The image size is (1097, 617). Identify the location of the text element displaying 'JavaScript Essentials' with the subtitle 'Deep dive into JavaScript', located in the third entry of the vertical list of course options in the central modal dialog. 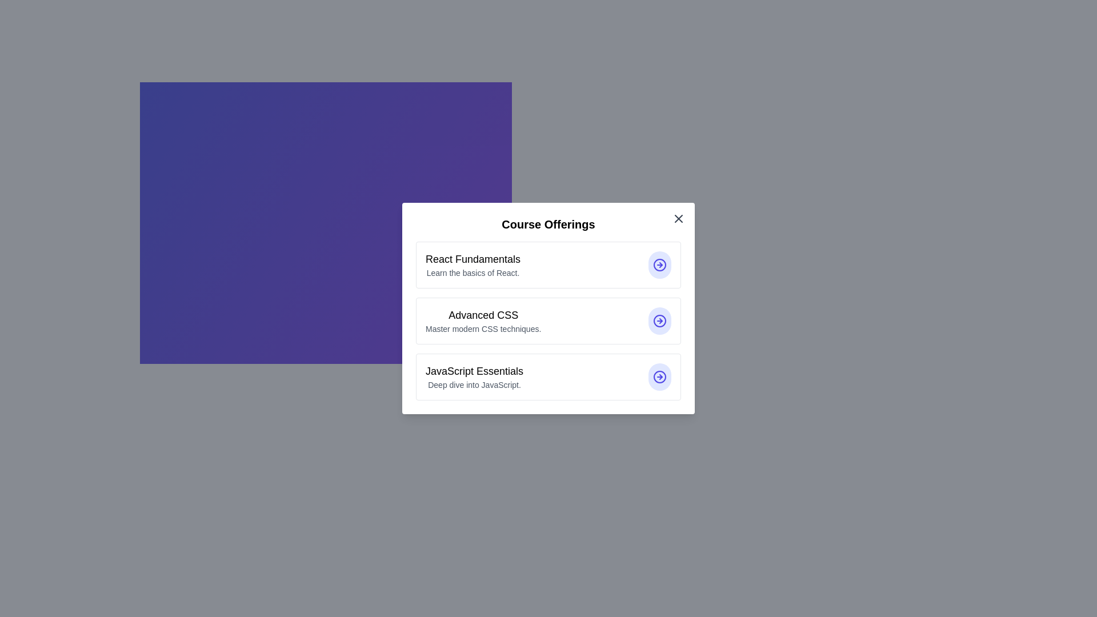
(474, 376).